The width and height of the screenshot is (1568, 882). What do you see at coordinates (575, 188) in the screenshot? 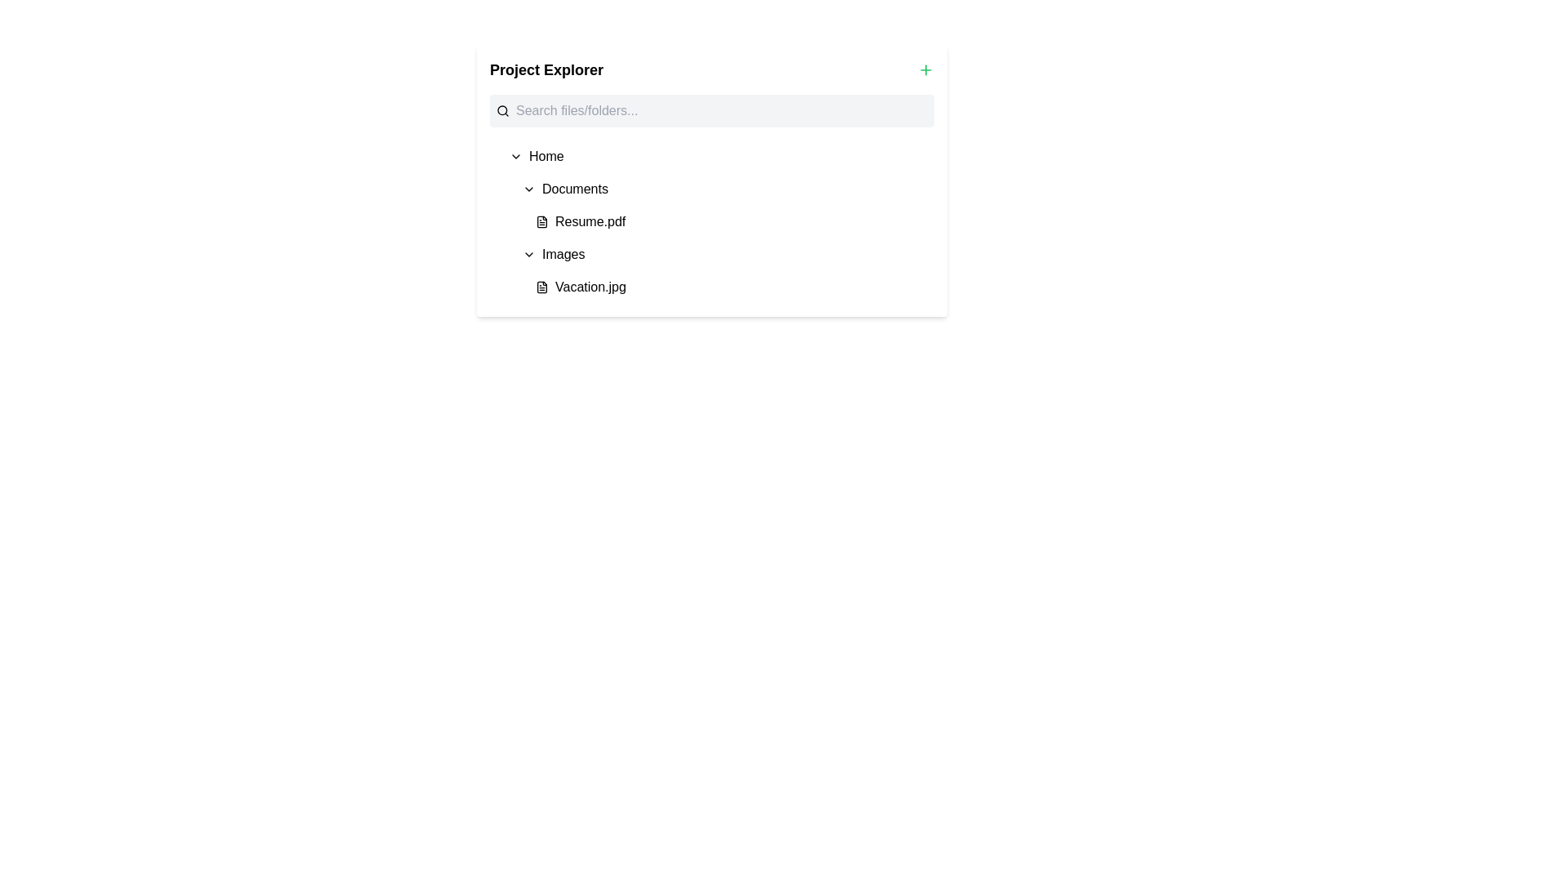
I see `the 'Documents' text label in the Project Explorer panel` at bounding box center [575, 188].